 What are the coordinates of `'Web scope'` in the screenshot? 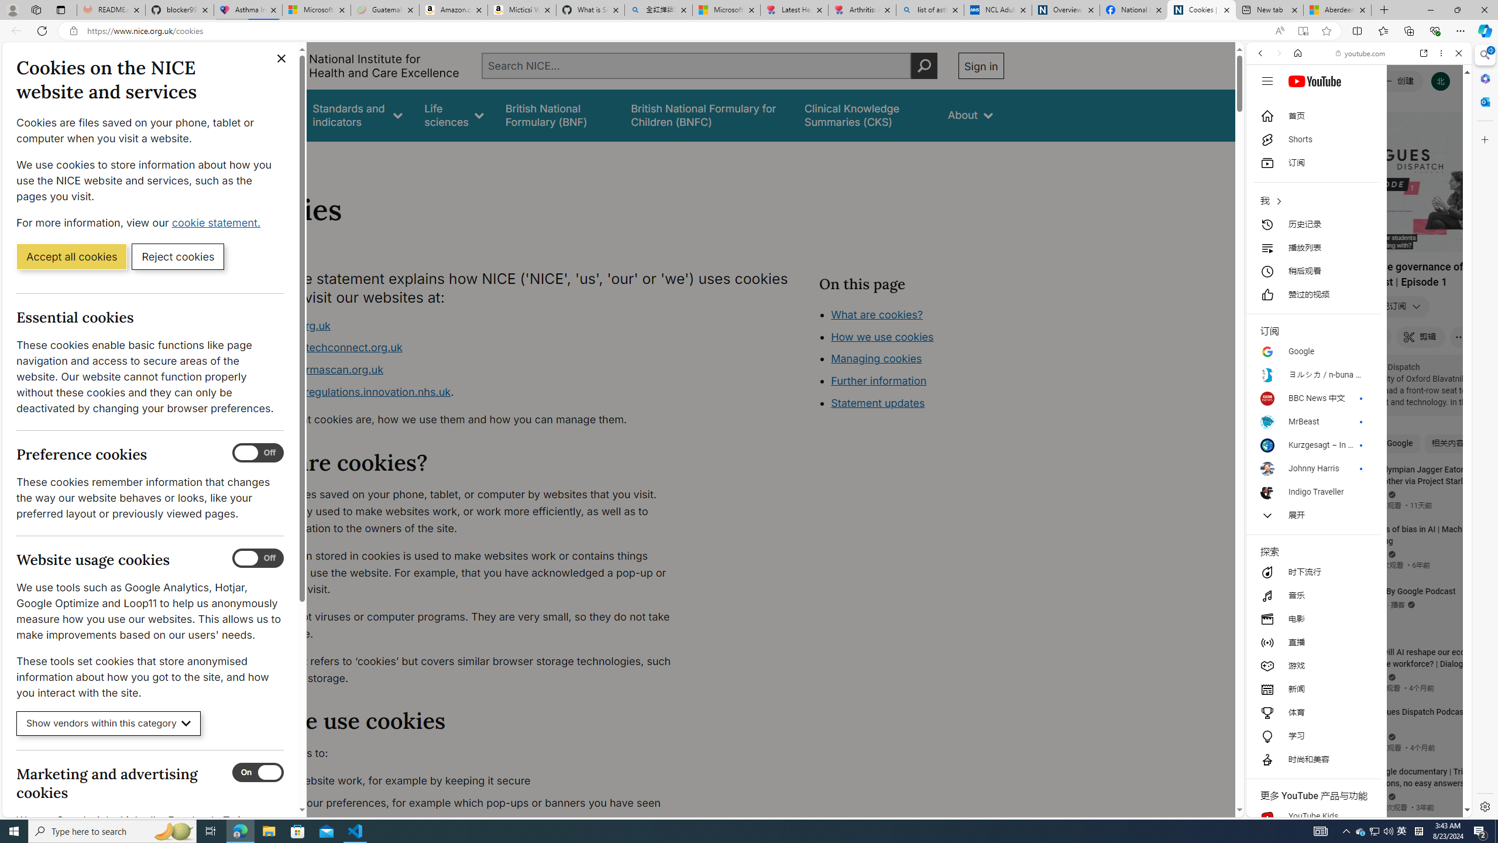 It's located at (1265, 105).